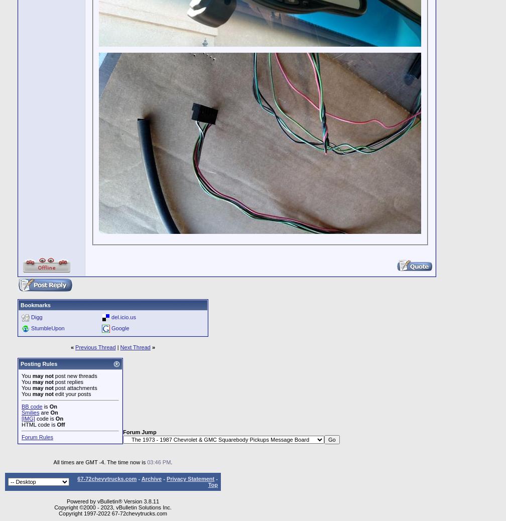 The width and height of the screenshot is (506, 521). I want to click on 'BB code', so click(22, 406).